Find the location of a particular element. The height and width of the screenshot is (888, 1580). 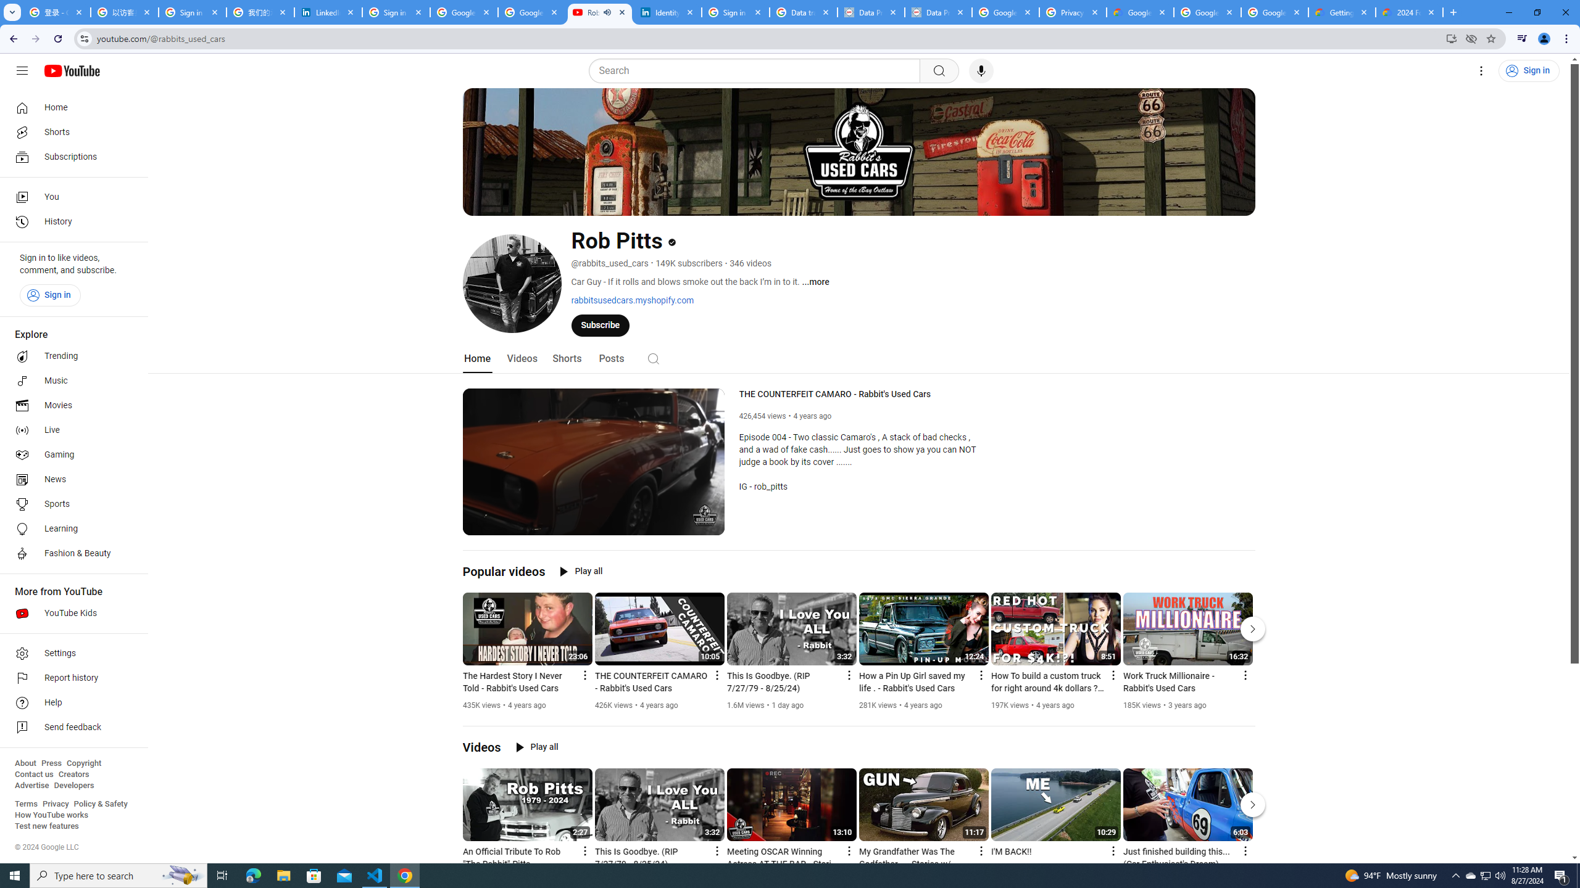

'Search' is located at coordinates (757, 70).